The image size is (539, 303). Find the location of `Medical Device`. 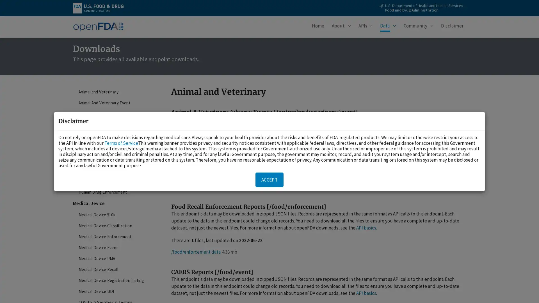

Medical Device is located at coordinates (115, 203).